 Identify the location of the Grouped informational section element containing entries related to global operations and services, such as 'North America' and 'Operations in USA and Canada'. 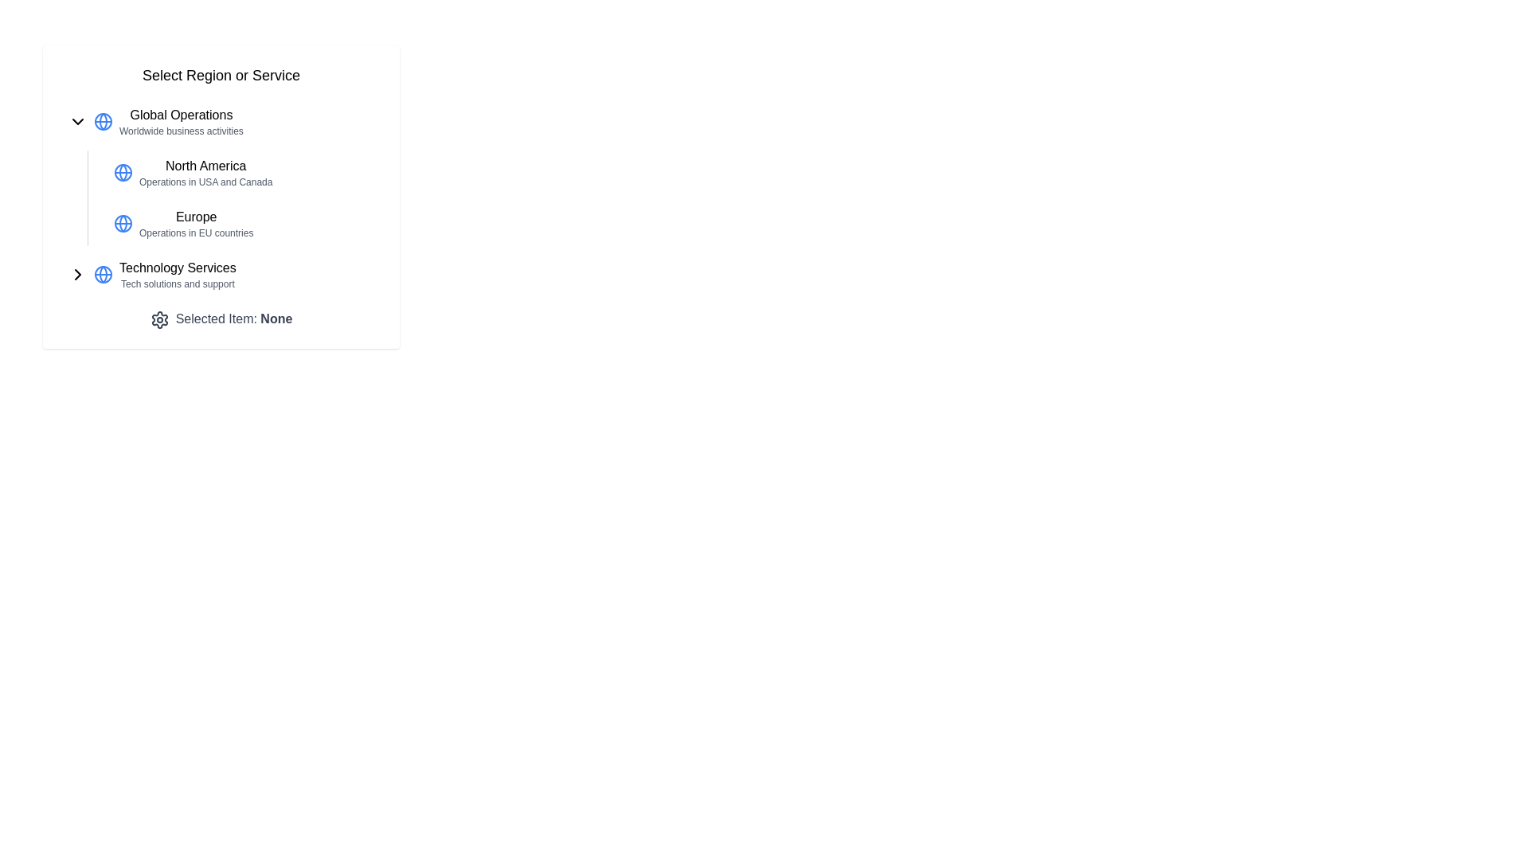
(221, 197).